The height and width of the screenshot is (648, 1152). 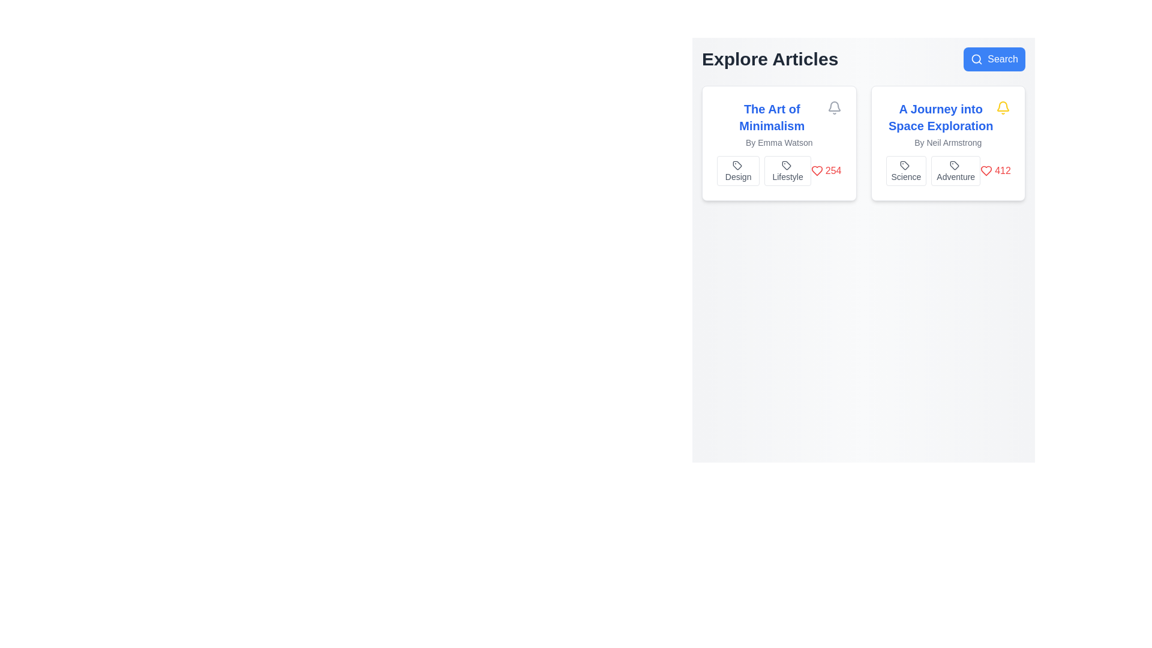 I want to click on the tag label with icon that provides additional metadata for the article 'The Art of Minimalism', positioned as the second item in the horizontal list of labels, following the 'Design' label, so click(x=779, y=171).